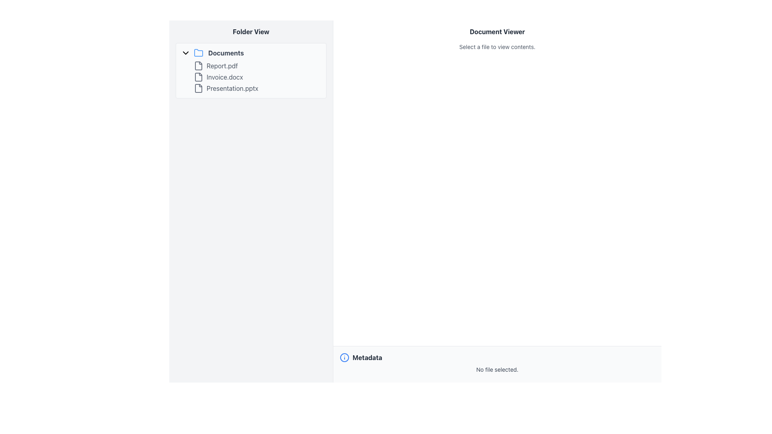  I want to click on the linked document item icon representing 'Invoice.docx', so click(199, 77).